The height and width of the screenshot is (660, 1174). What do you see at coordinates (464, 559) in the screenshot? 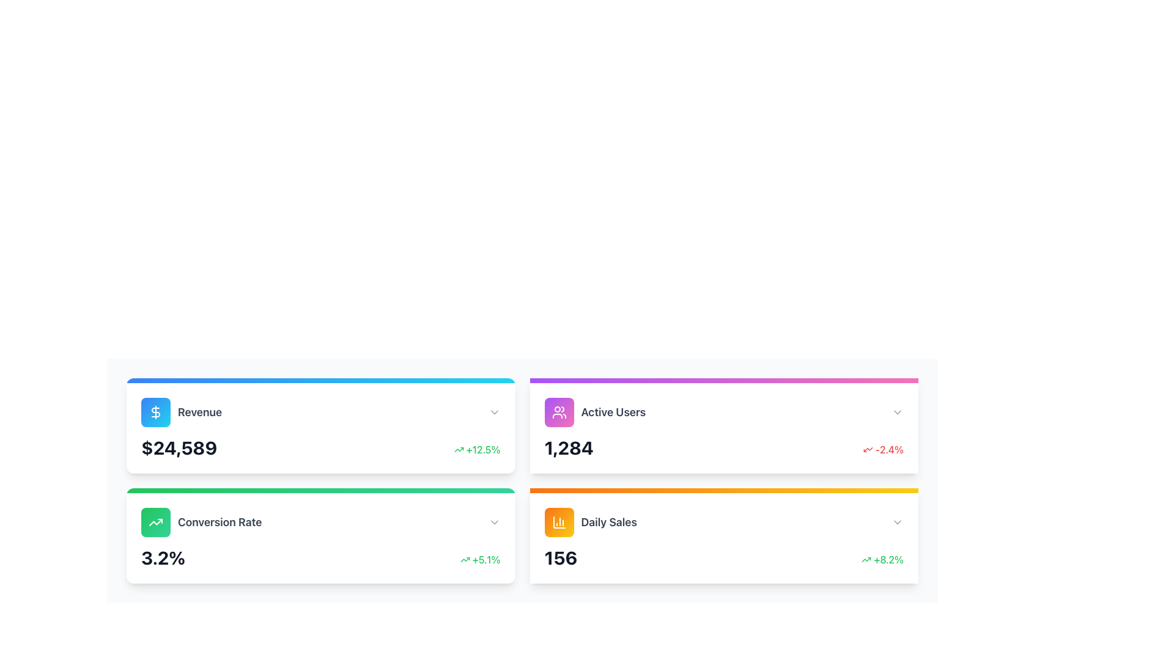
I see `the arrow icon representing a positive trend, which is located to the left of the '+5.1%' text in the green-themed value indicator of the bottom-left card labeled 'Conversion Rate'` at bounding box center [464, 559].